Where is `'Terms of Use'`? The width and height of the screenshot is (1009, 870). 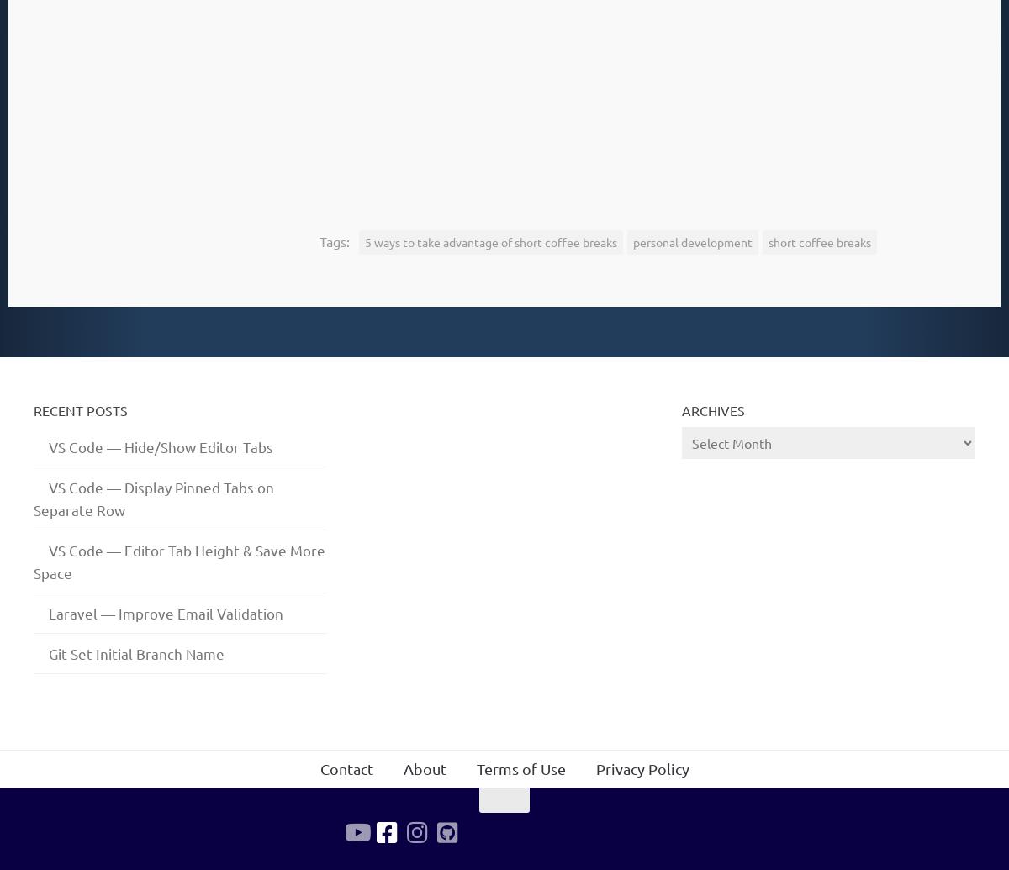
'Terms of Use' is located at coordinates (520, 767).